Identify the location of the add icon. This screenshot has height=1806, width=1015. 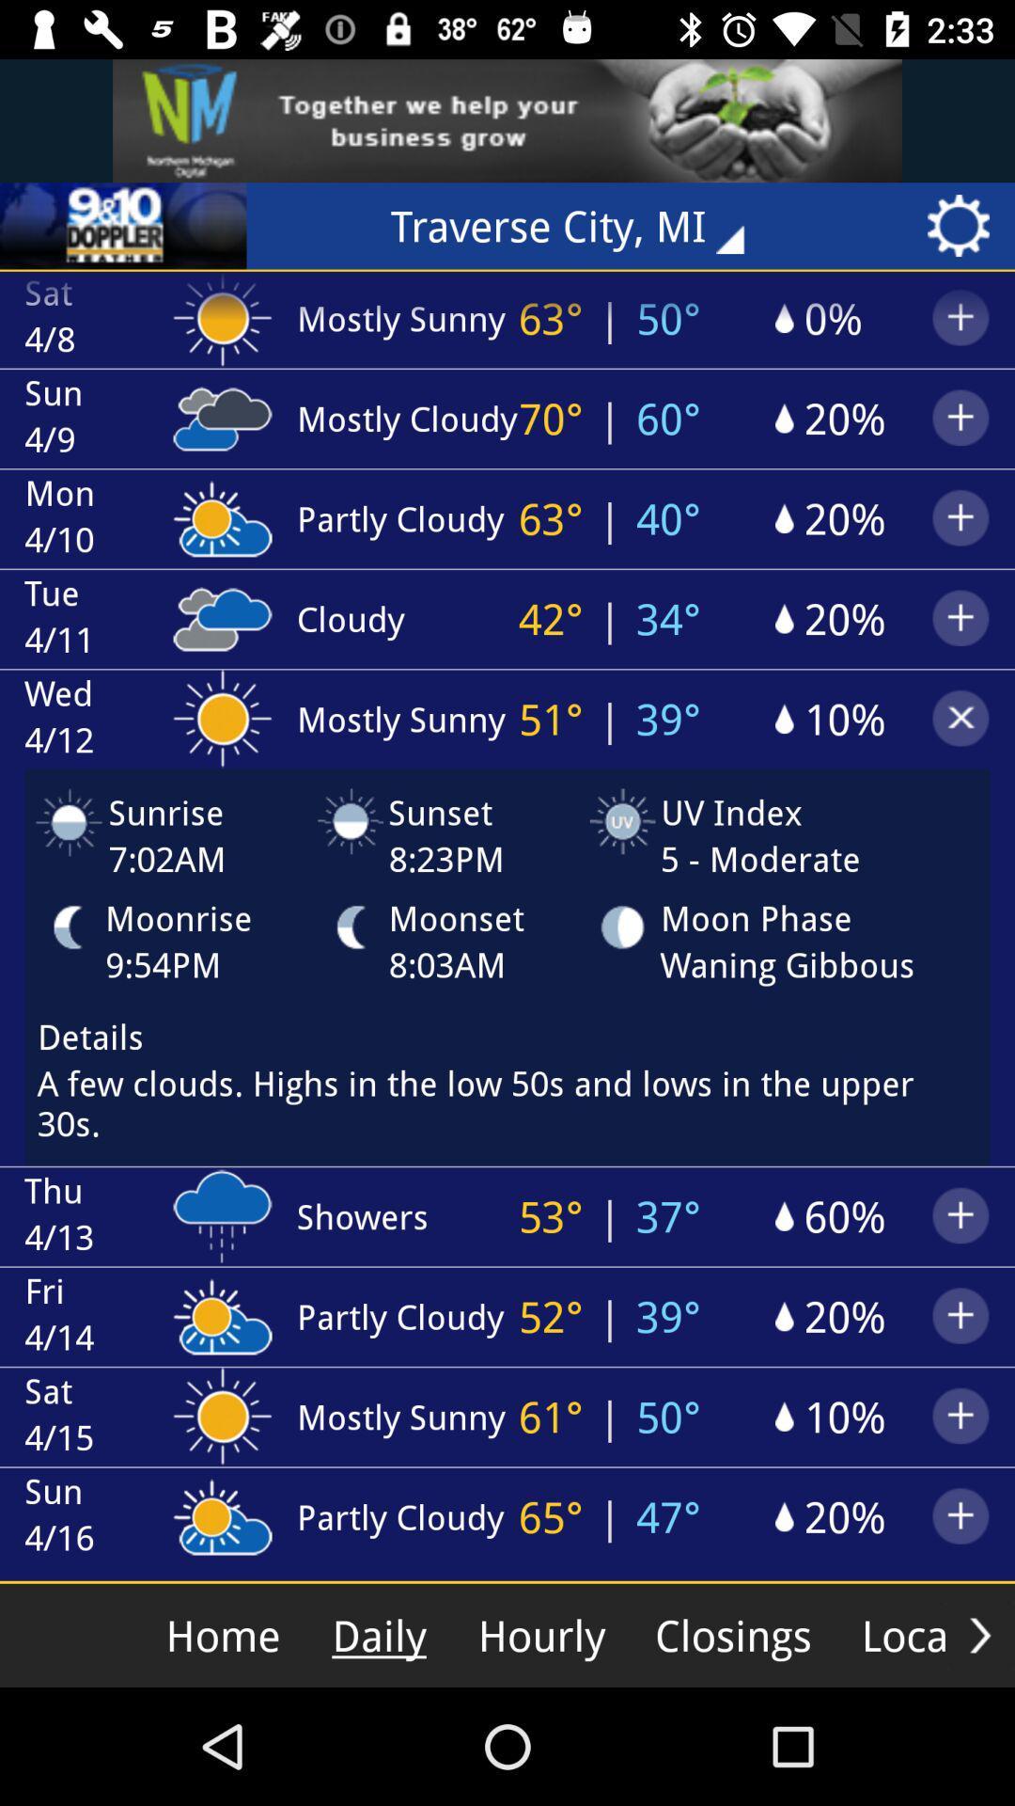
(979, 341).